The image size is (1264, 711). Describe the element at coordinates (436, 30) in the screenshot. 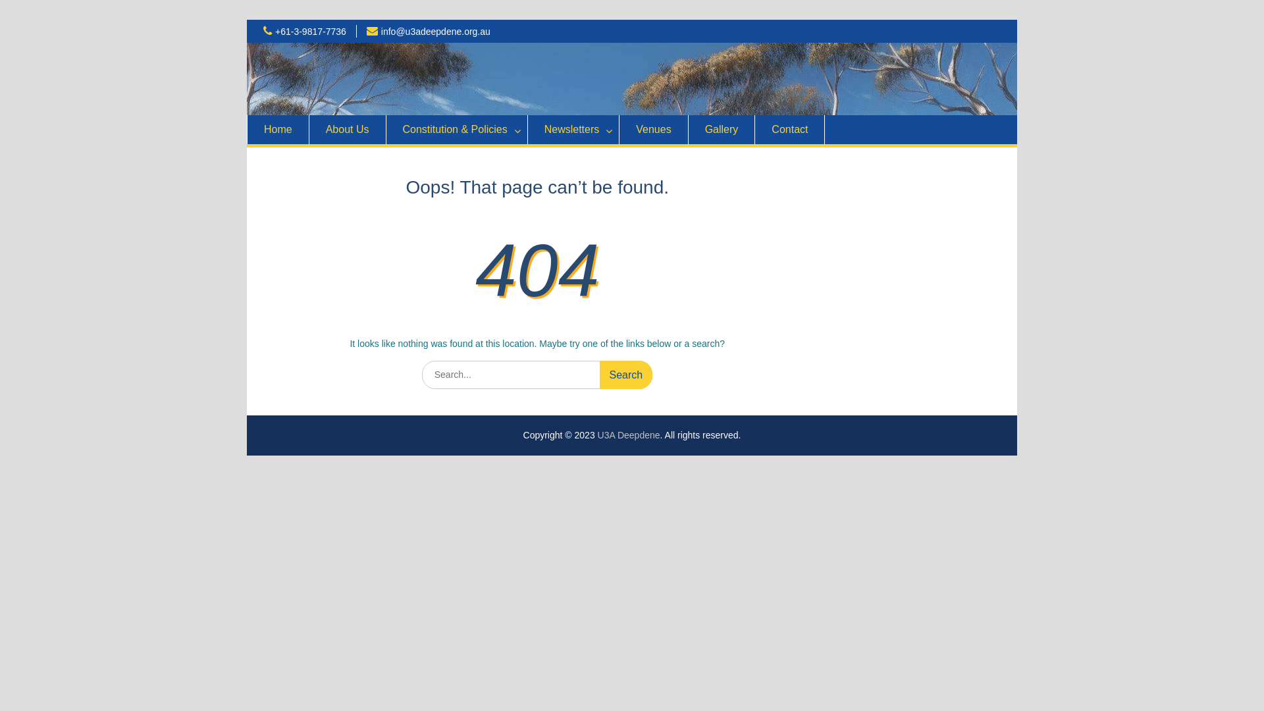

I see `'info@u3adeepdene.org.au'` at that location.